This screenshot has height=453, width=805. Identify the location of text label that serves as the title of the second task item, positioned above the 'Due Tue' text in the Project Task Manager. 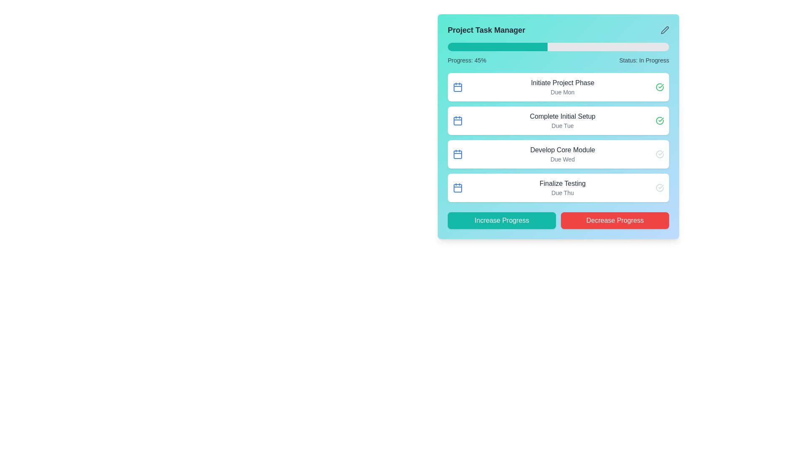
(563, 116).